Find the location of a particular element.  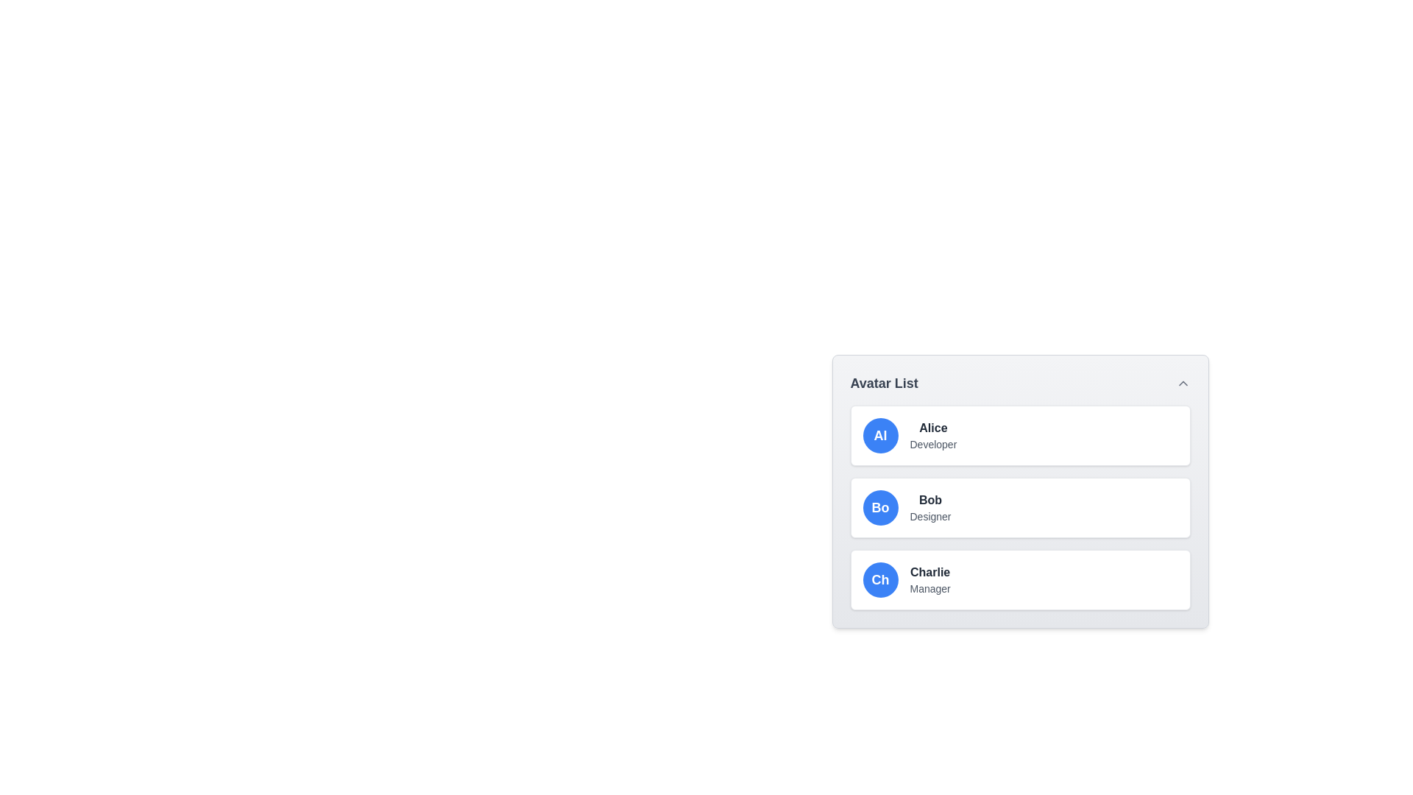

the Profile Avatar representing the user 'Alice' located to the left of the 'Alice' text in the vertical list is located at coordinates (880, 434).